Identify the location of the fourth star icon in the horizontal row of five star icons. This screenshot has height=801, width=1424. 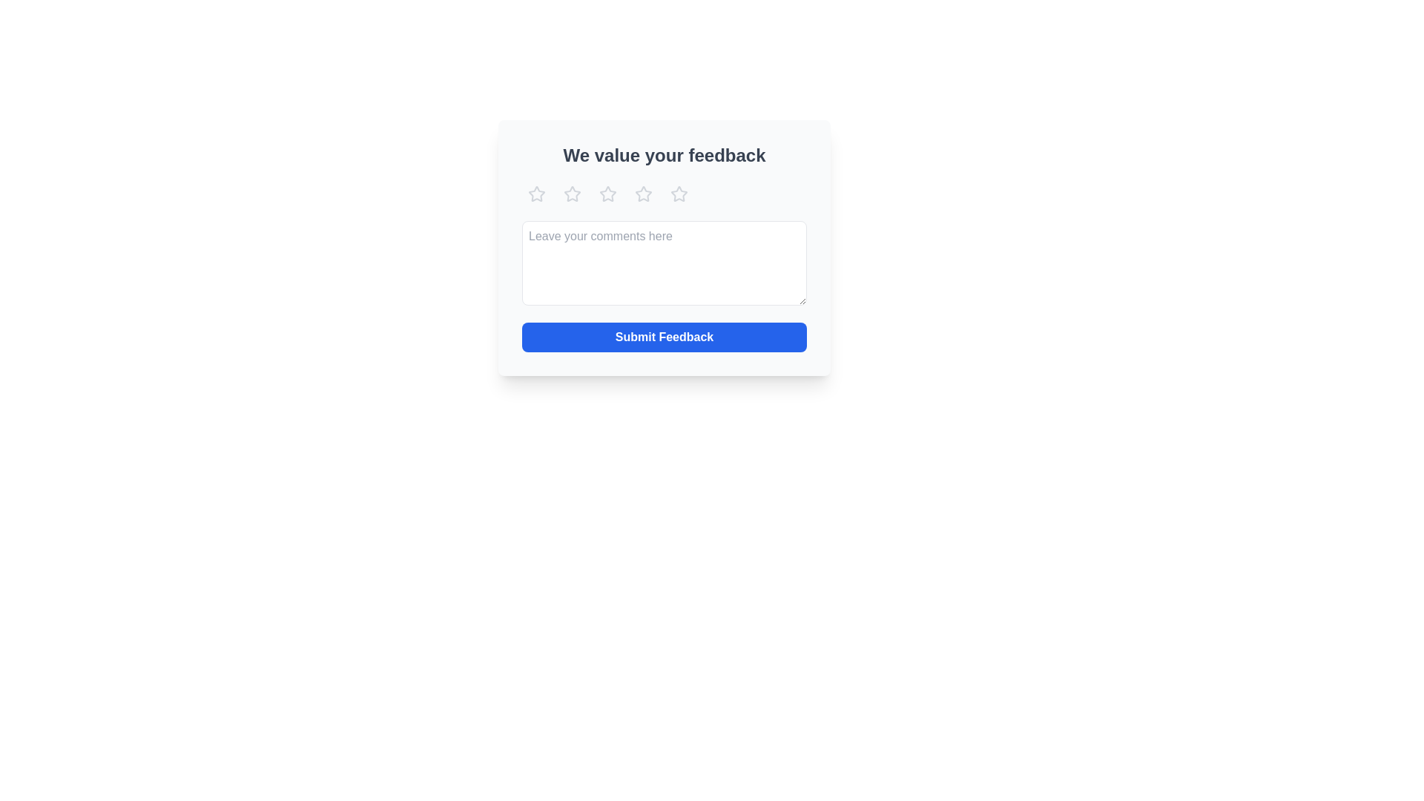
(644, 194).